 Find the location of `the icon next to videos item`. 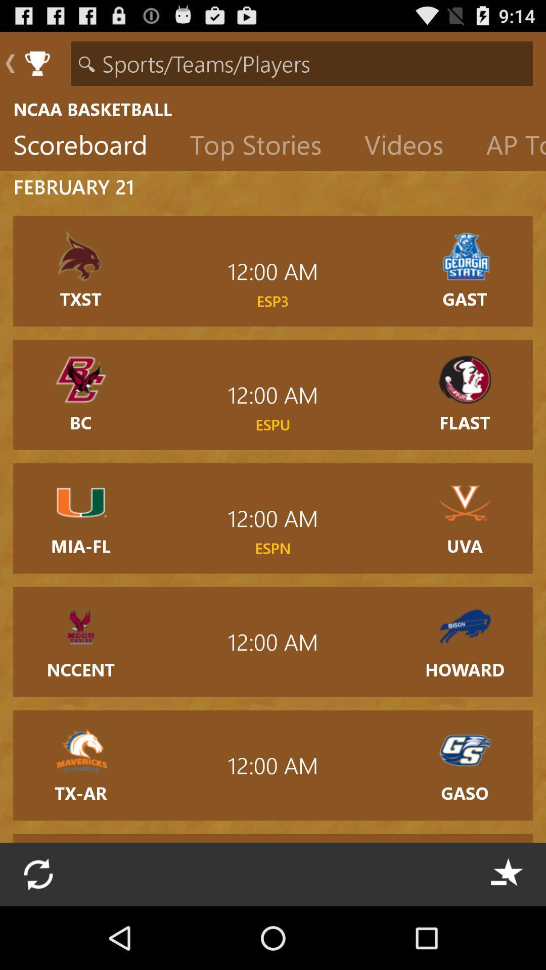

the icon next to videos item is located at coordinates (263, 147).